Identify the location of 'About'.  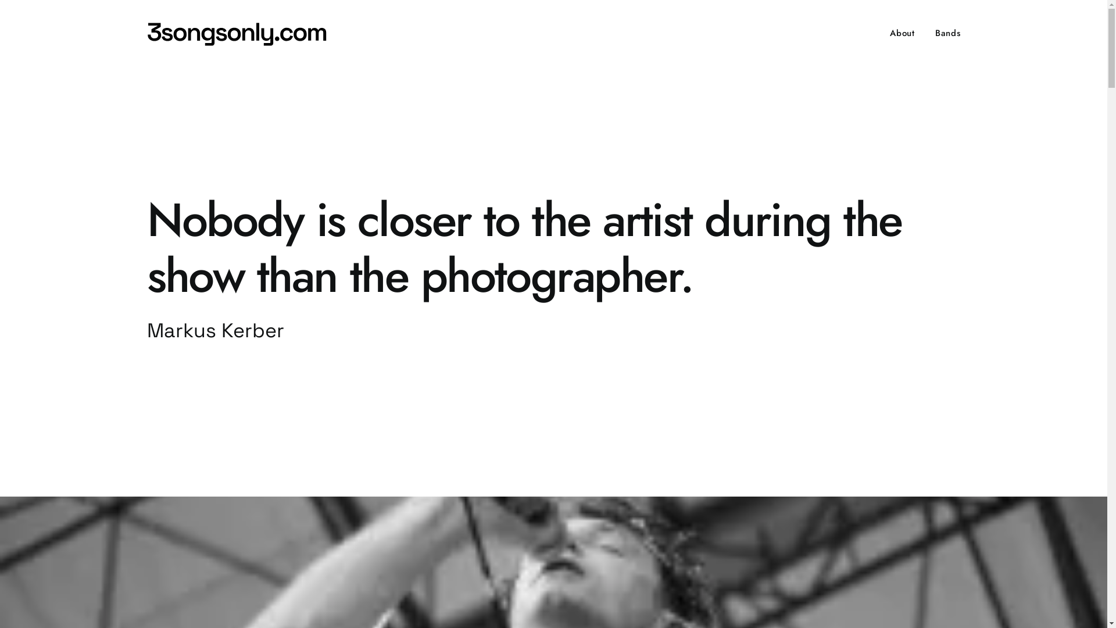
(906, 33).